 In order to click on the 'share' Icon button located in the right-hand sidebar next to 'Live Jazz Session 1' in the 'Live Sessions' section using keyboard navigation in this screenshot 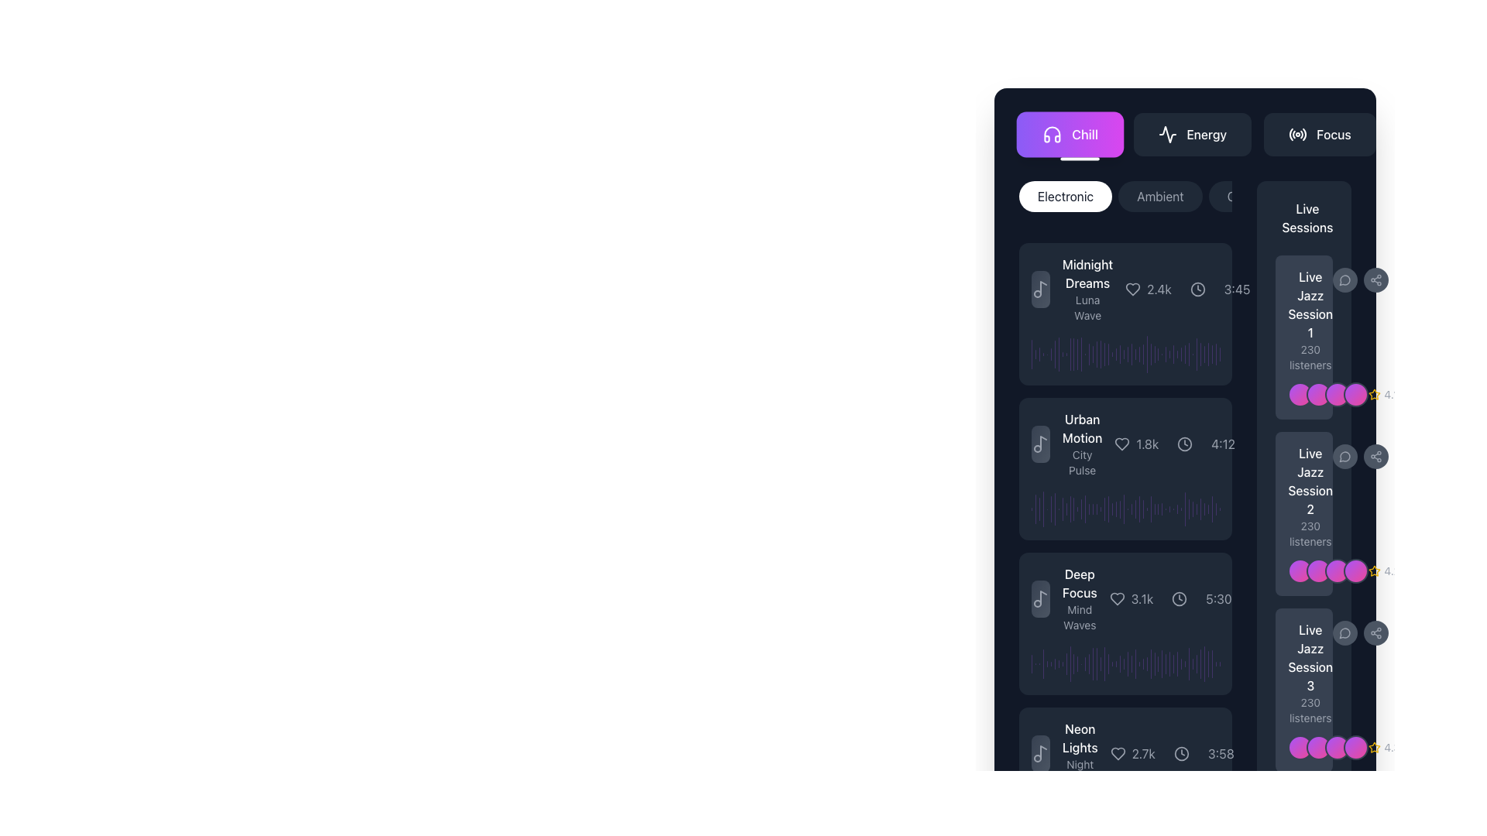, I will do `click(1376, 456)`.